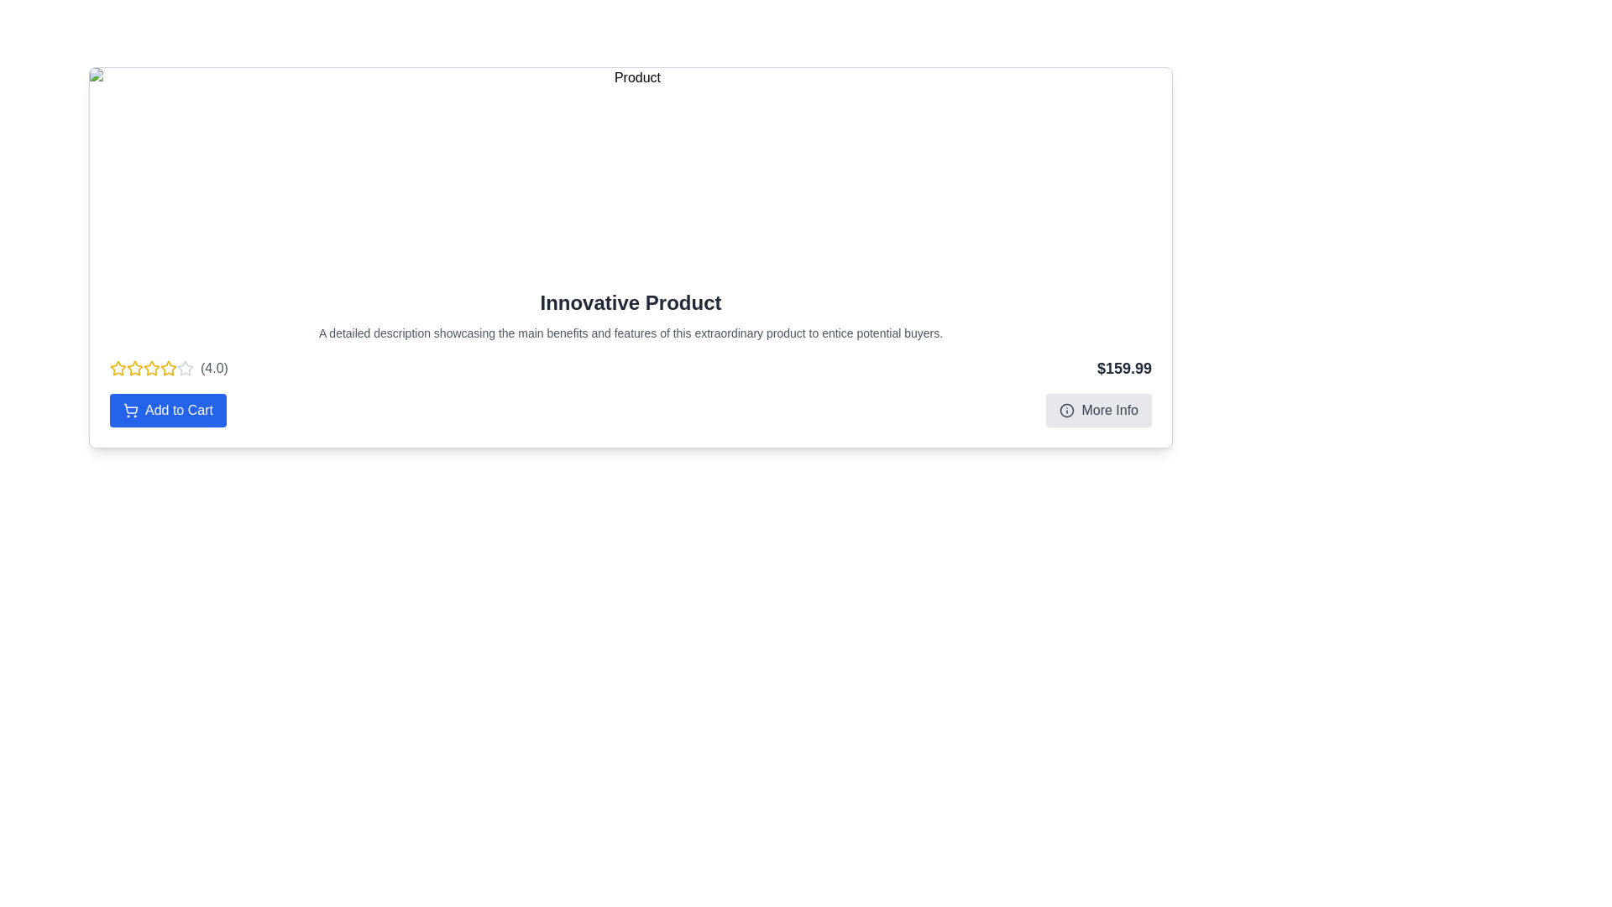 Image resolution: width=1612 pixels, height=907 pixels. I want to click on the third star in the rating component to provide a rating for the product, so click(152, 367).